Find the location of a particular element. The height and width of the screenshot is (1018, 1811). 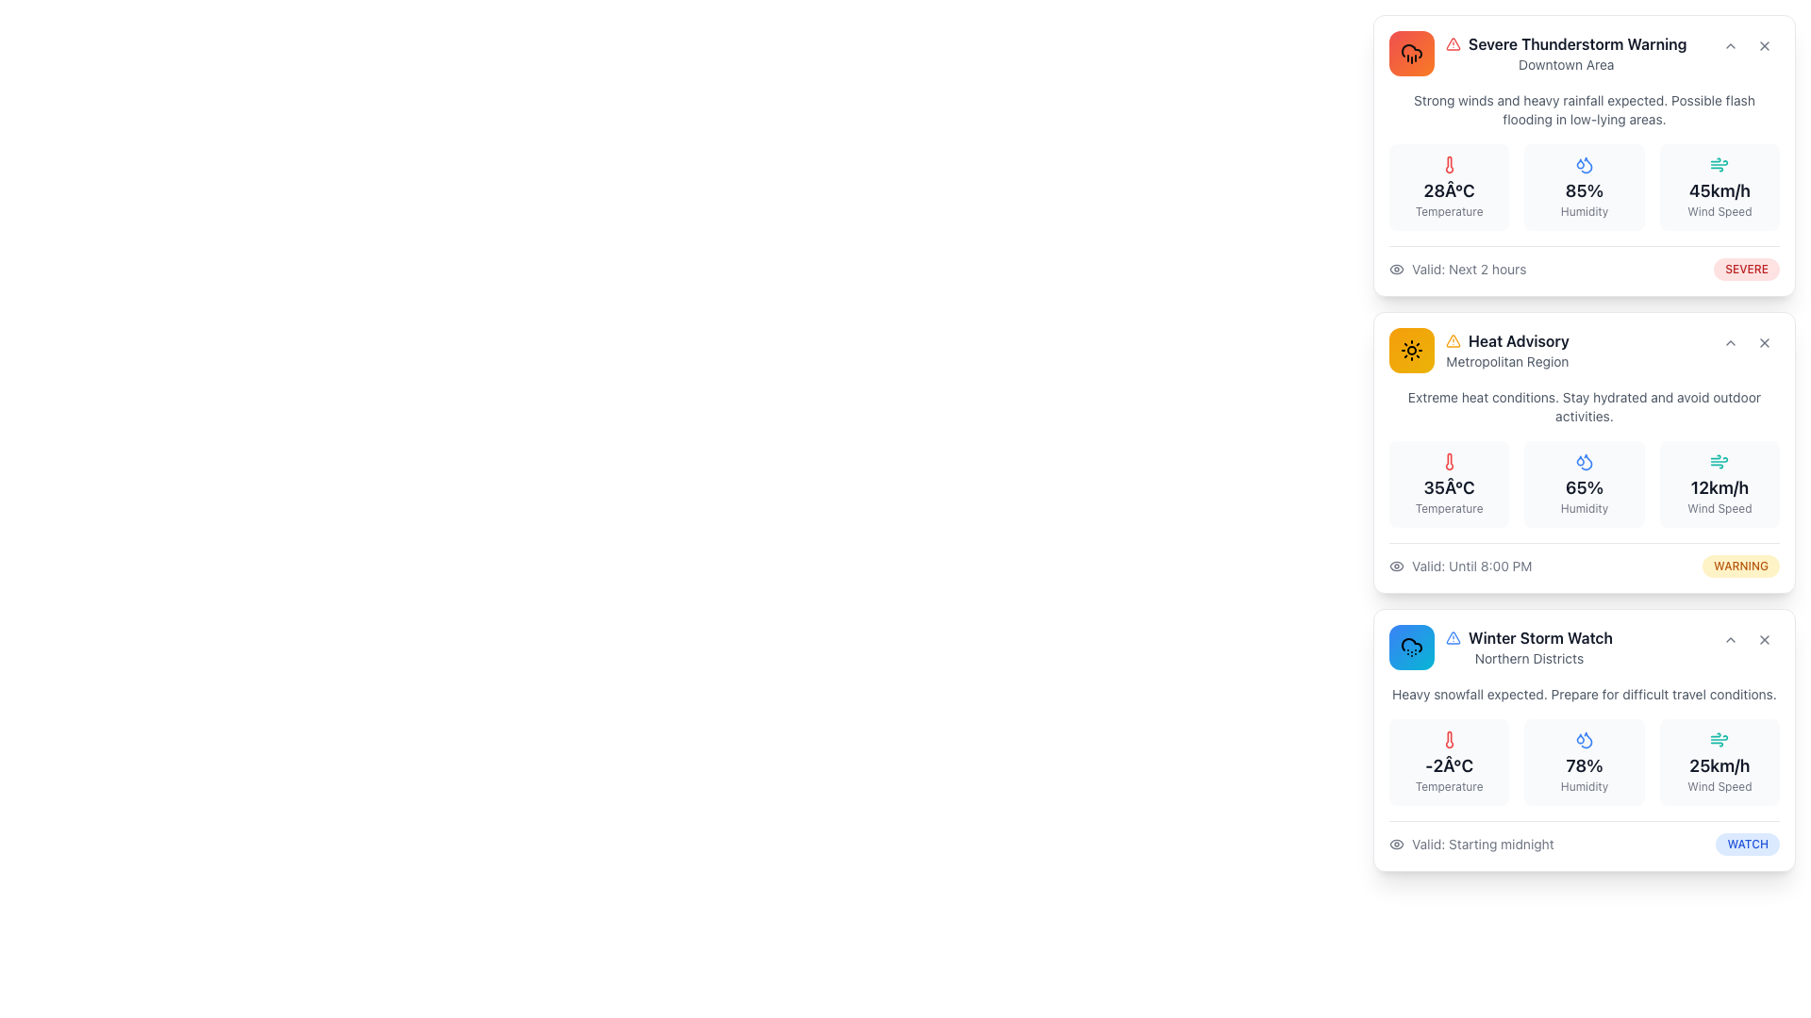

the Badge located in the bottom-right corner of the 'Heat Advisory' card, adjacent to the text 'Valid: Until 8:00 PM' is located at coordinates (1740, 566).